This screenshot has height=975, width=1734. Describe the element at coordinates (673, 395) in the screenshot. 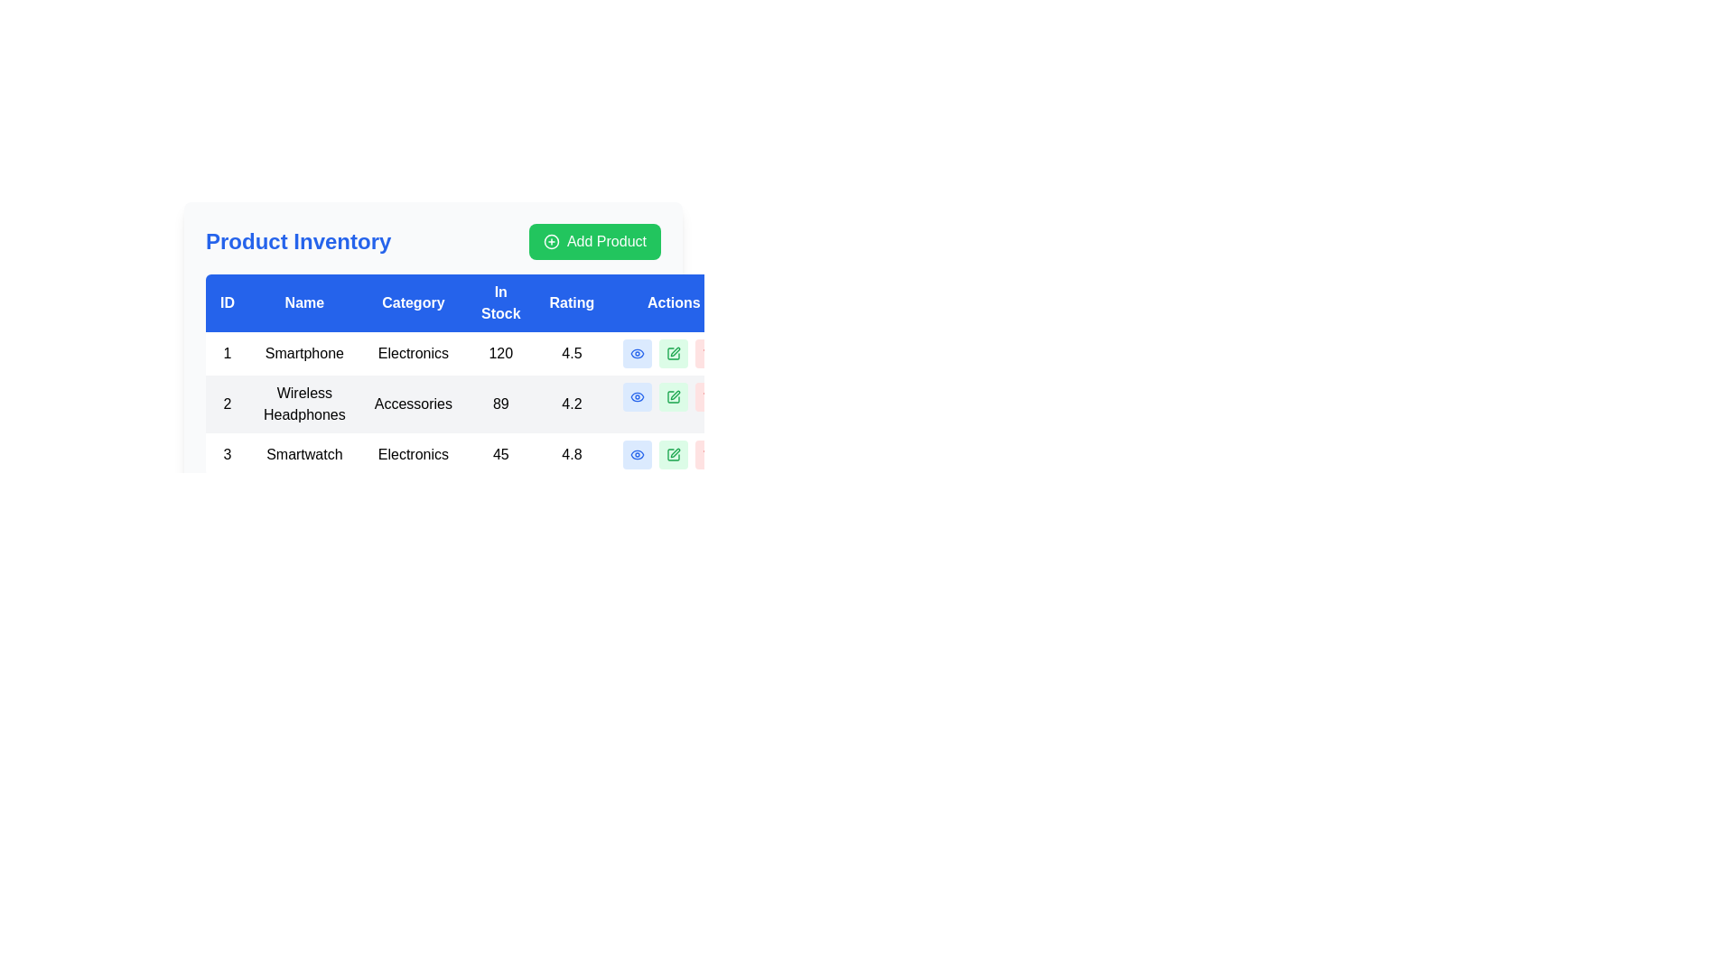

I see `the rounded rectangular green button with a pencil icon in the 'Actions' column for 'Wireless Headphones'` at that location.